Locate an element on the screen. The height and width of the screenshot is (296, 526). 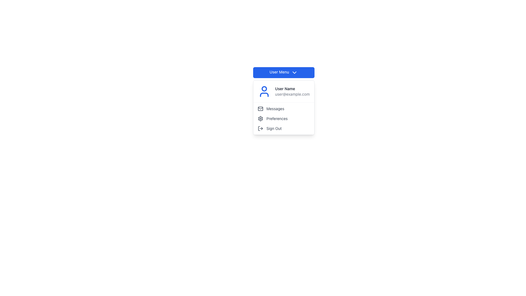
the rectangular envelope icon located beside the 'Messages' label in the dropdown menu under 'User Menu' is located at coordinates (260, 109).